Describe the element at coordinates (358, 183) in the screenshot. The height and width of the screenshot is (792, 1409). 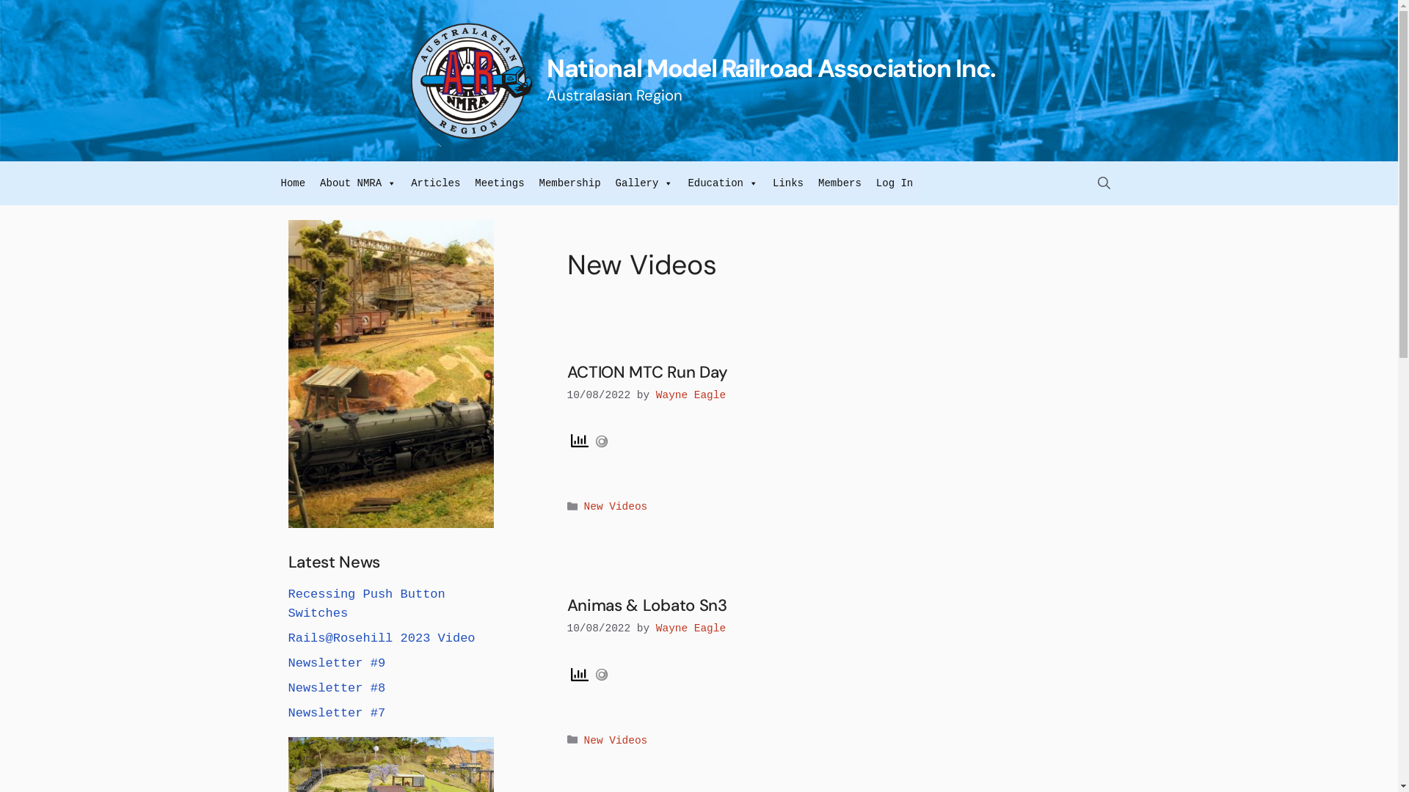
I see `'About NMRA'` at that location.